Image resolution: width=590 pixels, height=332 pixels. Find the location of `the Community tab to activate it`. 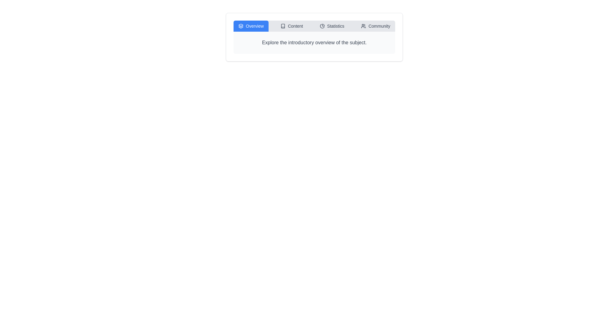

the Community tab to activate it is located at coordinates (375, 26).